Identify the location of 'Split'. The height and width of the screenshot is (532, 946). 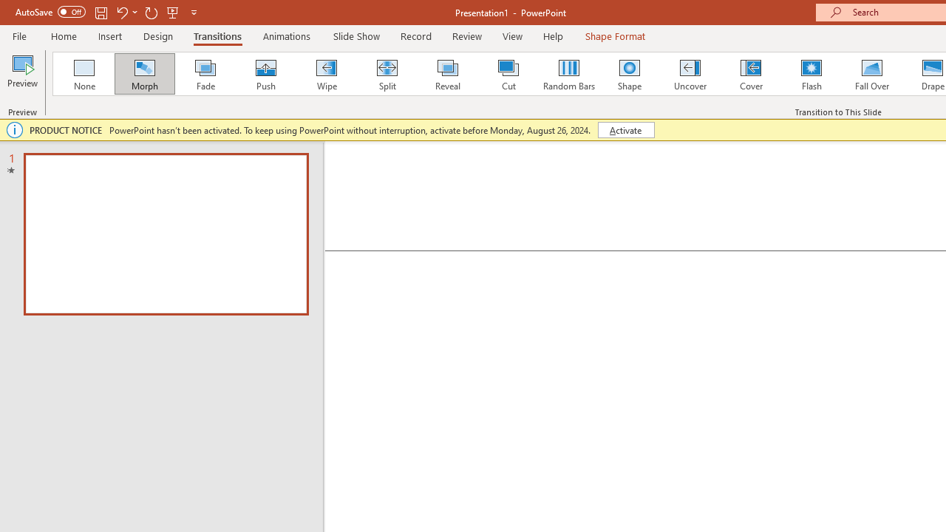
(387, 74).